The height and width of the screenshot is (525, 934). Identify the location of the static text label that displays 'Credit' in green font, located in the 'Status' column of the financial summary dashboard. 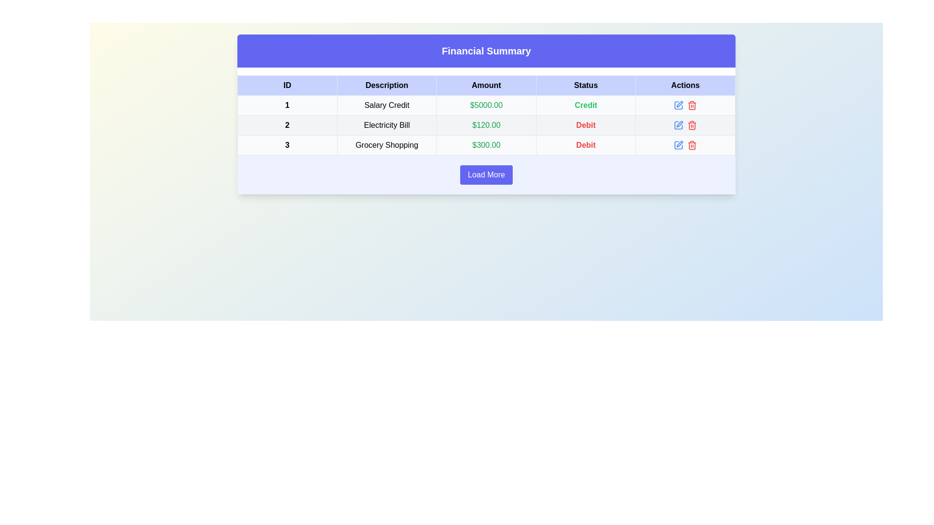
(585, 105).